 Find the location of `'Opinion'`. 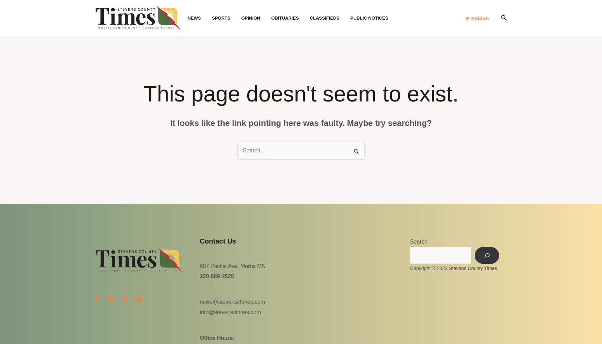

'Opinion' is located at coordinates (250, 18).